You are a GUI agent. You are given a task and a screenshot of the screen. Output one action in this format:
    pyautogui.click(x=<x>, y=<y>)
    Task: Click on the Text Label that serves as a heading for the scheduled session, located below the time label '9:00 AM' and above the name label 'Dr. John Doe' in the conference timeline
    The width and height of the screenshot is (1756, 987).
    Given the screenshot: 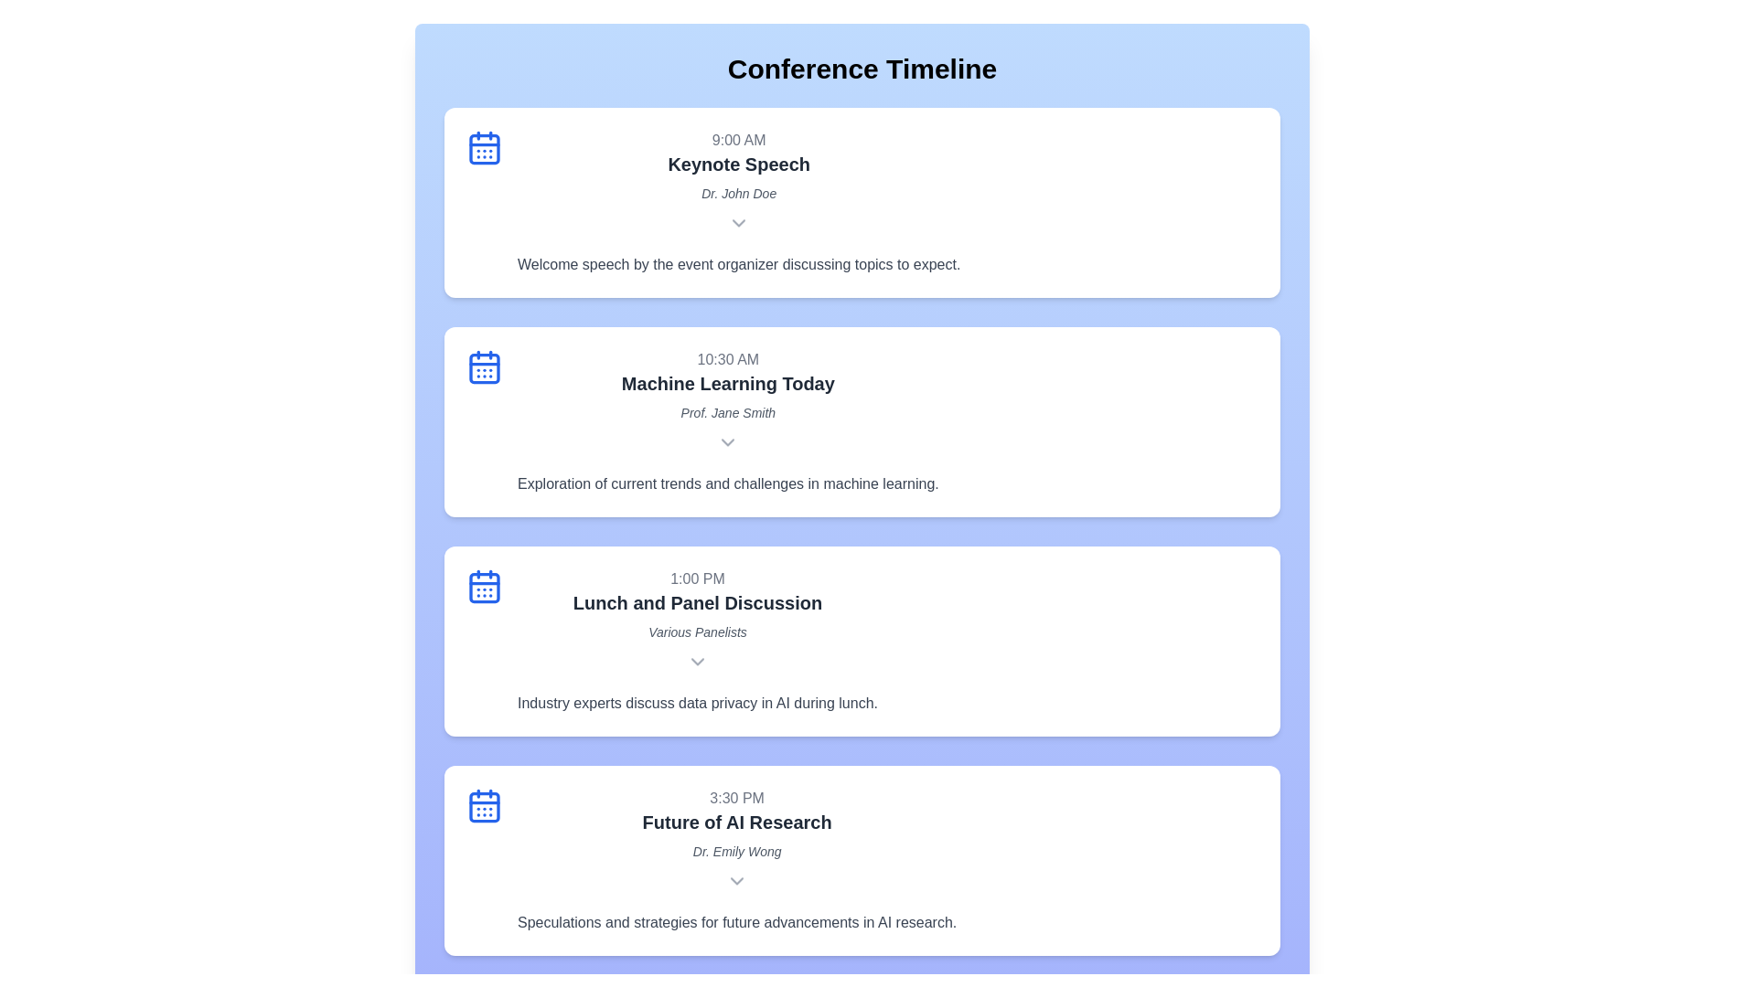 What is the action you would take?
    pyautogui.click(x=739, y=164)
    